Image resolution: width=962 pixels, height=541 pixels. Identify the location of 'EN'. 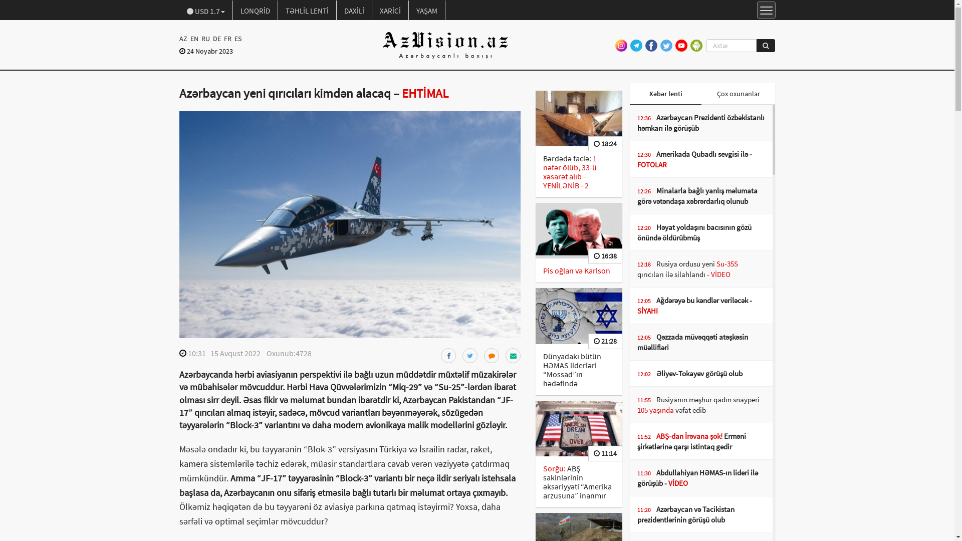
(194, 38).